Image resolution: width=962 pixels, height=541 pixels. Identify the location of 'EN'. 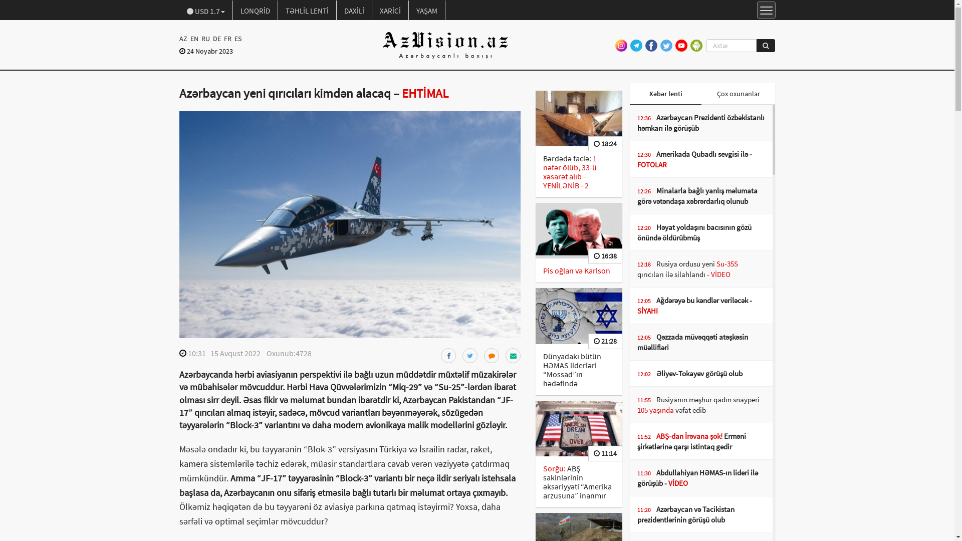
(194, 38).